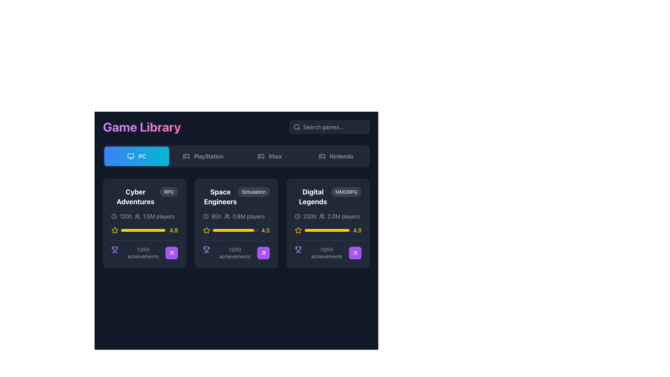  Describe the element at coordinates (327, 230) in the screenshot. I see `the yellow progress bar located within the 'Digital Legends' card, which is positioned below the star icon and the rating text '4.9'` at that location.